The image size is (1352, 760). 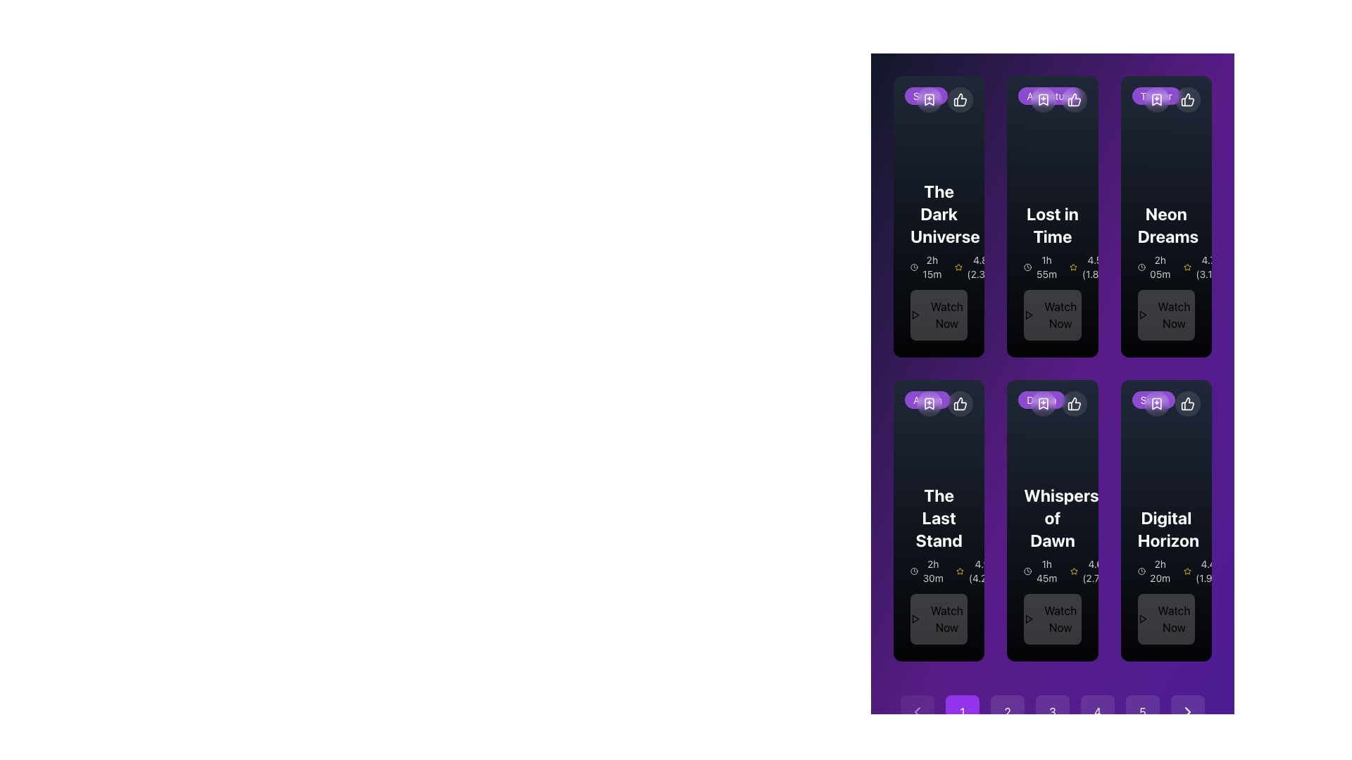 I want to click on the genre label for the movie 'The Dark Universe', which is positioned above the movie title in the card layout, so click(x=926, y=95).